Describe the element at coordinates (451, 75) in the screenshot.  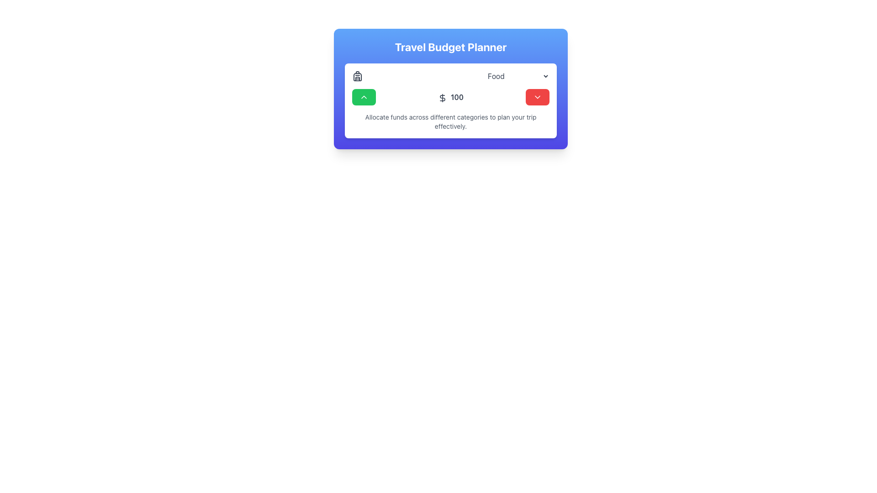
I see `the dropdown selector element labeled 'Food'` at that location.